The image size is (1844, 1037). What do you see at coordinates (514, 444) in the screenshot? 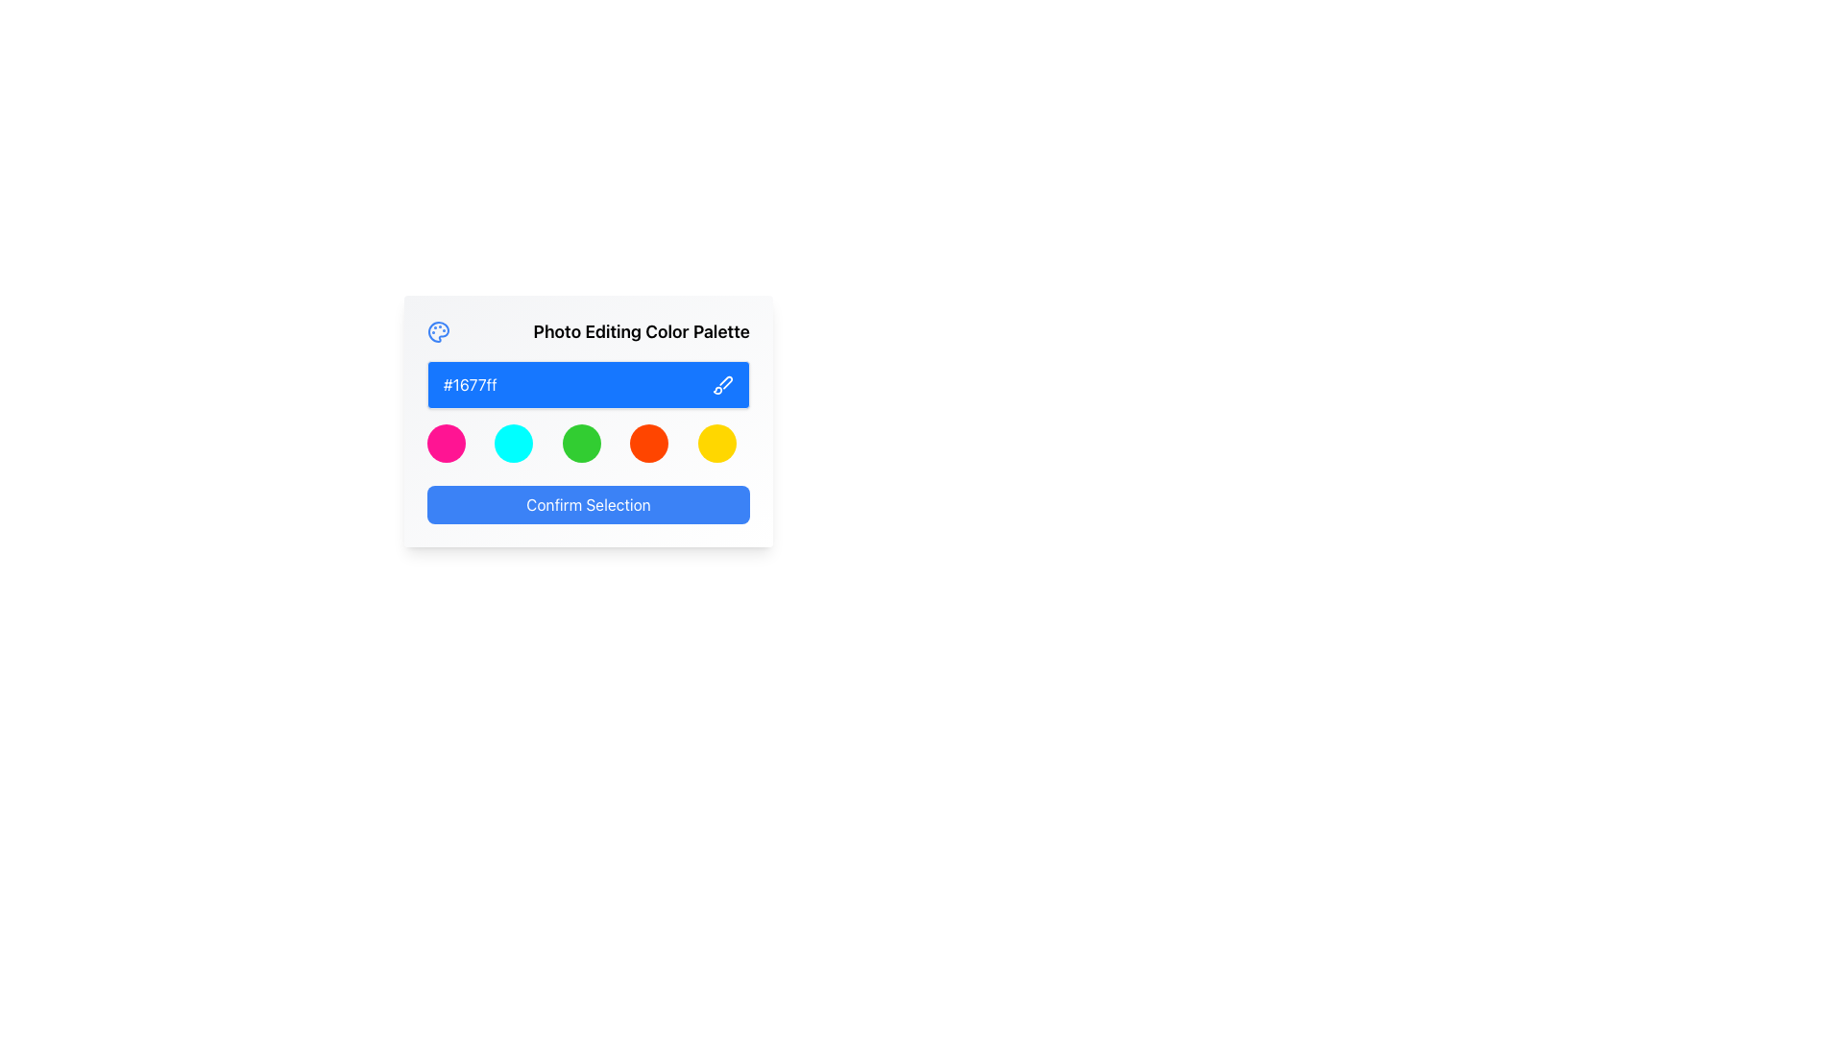
I see `the circular button with a cyan background` at bounding box center [514, 444].